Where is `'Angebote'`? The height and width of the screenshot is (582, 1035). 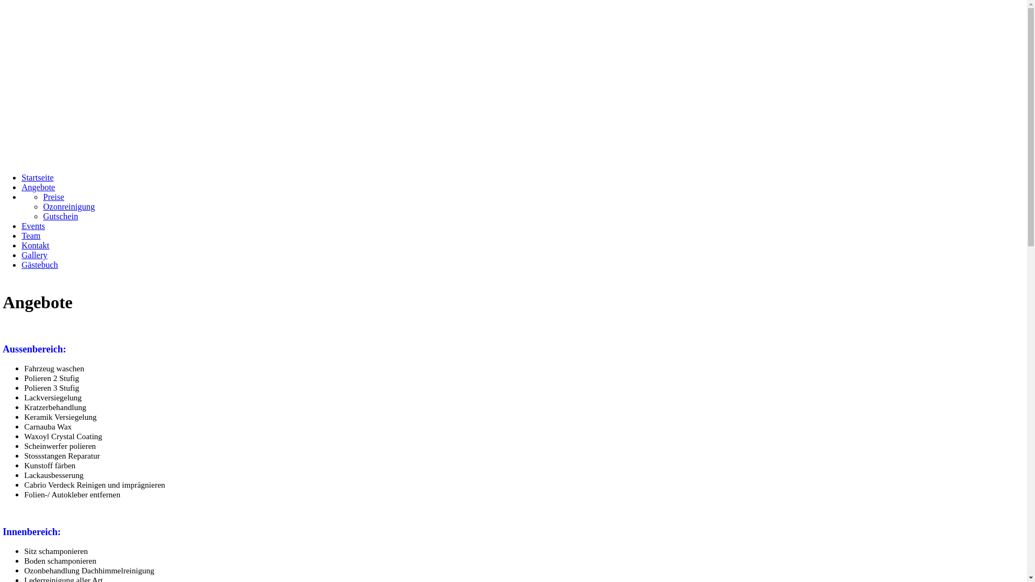
'Angebote' is located at coordinates (38, 186).